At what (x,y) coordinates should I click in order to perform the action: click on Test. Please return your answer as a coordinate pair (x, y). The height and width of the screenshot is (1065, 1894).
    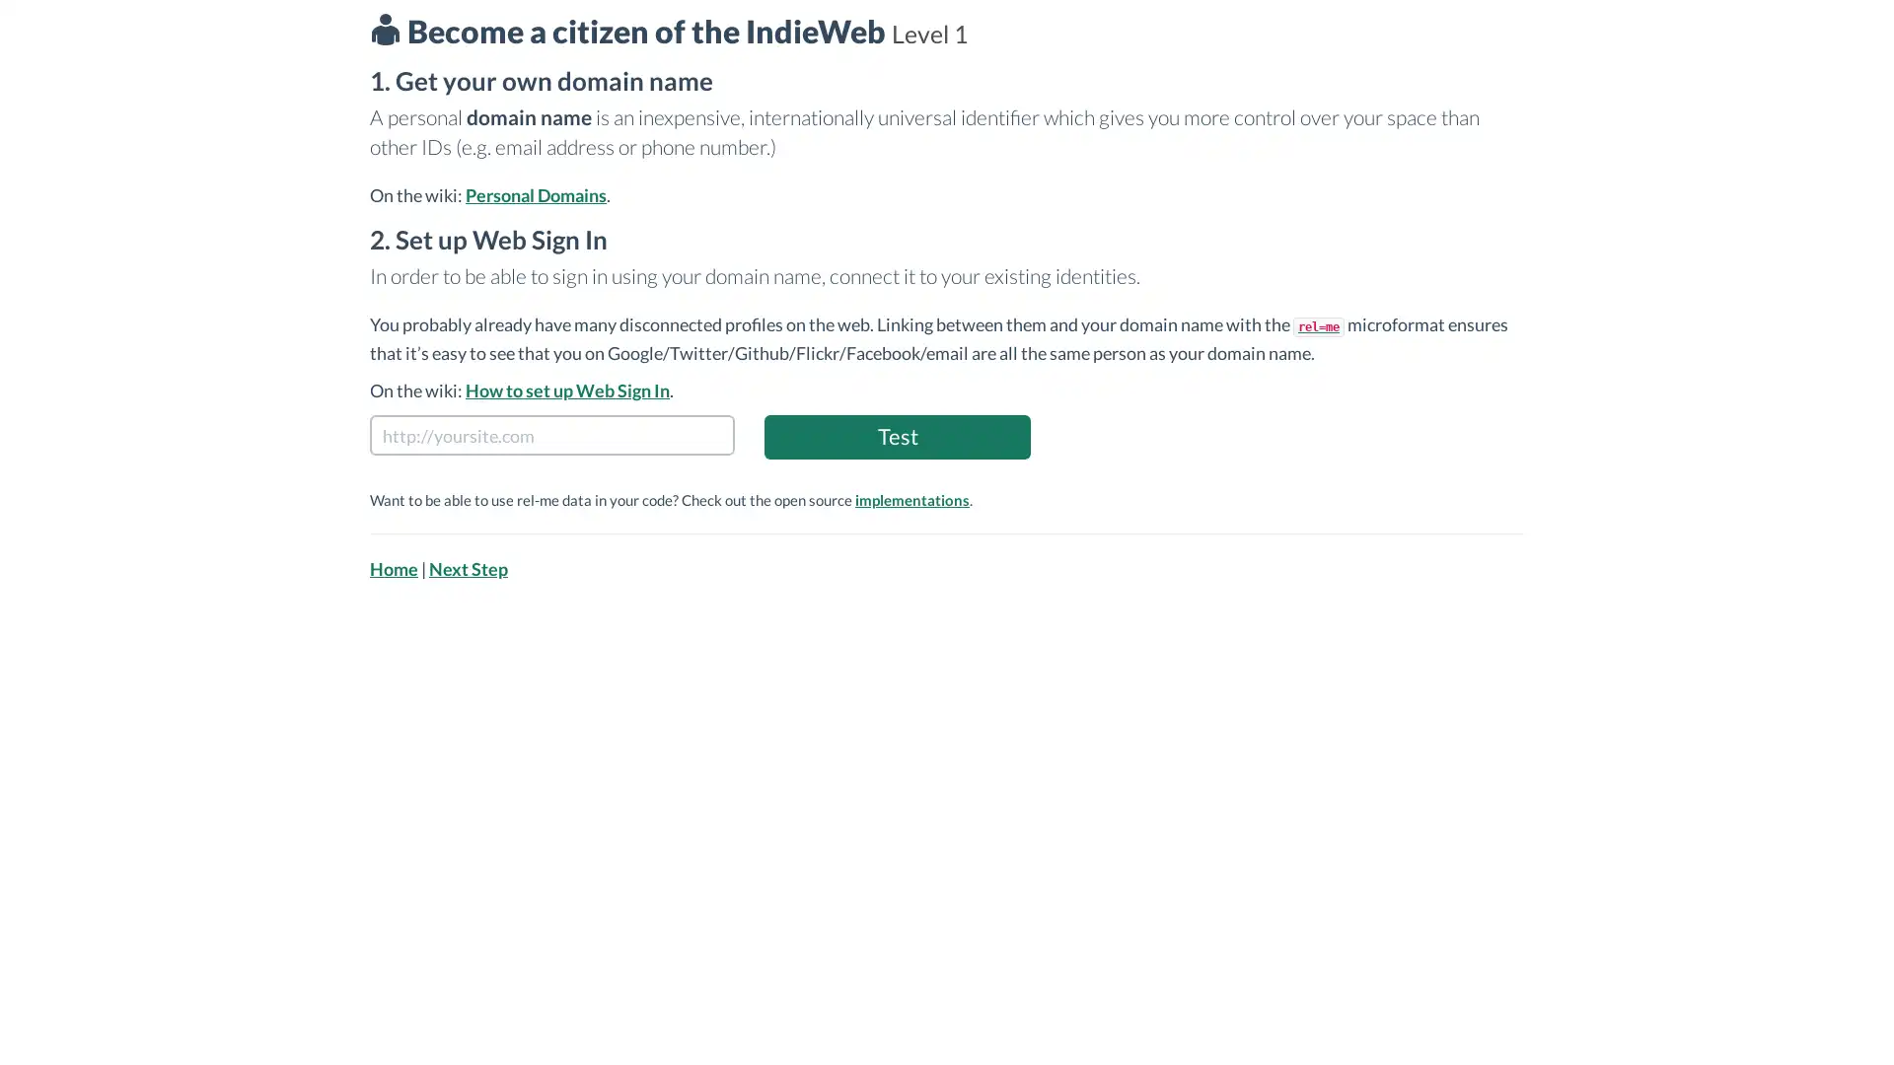
    Looking at the image, I should click on (897, 436).